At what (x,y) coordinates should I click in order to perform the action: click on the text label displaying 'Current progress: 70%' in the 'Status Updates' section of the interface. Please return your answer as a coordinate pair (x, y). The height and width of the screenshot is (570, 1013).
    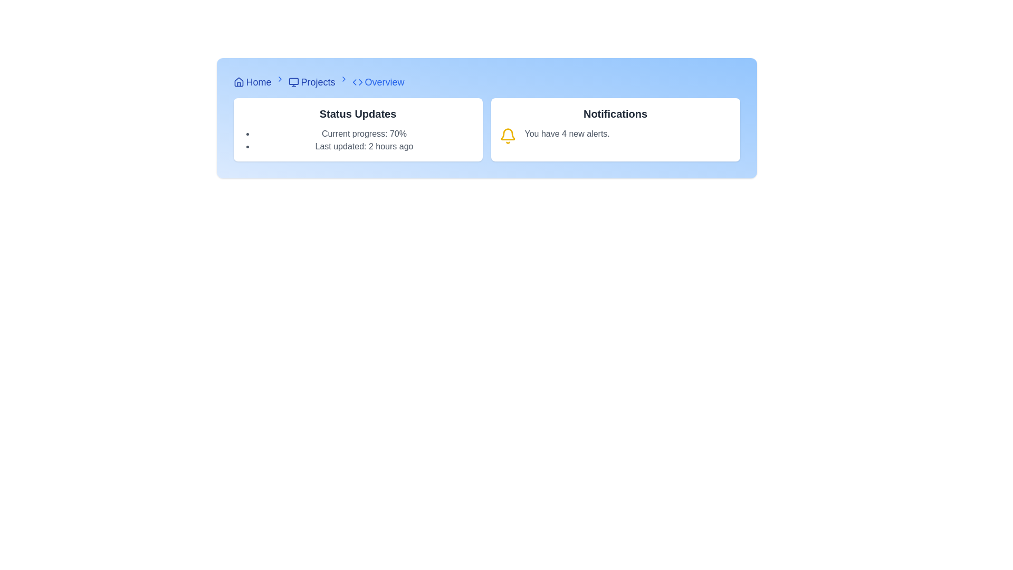
    Looking at the image, I should click on (364, 134).